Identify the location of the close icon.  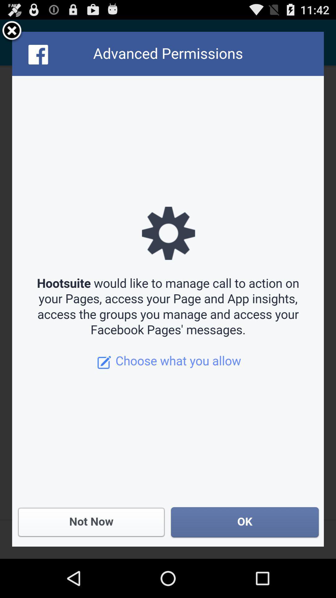
(12, 33).